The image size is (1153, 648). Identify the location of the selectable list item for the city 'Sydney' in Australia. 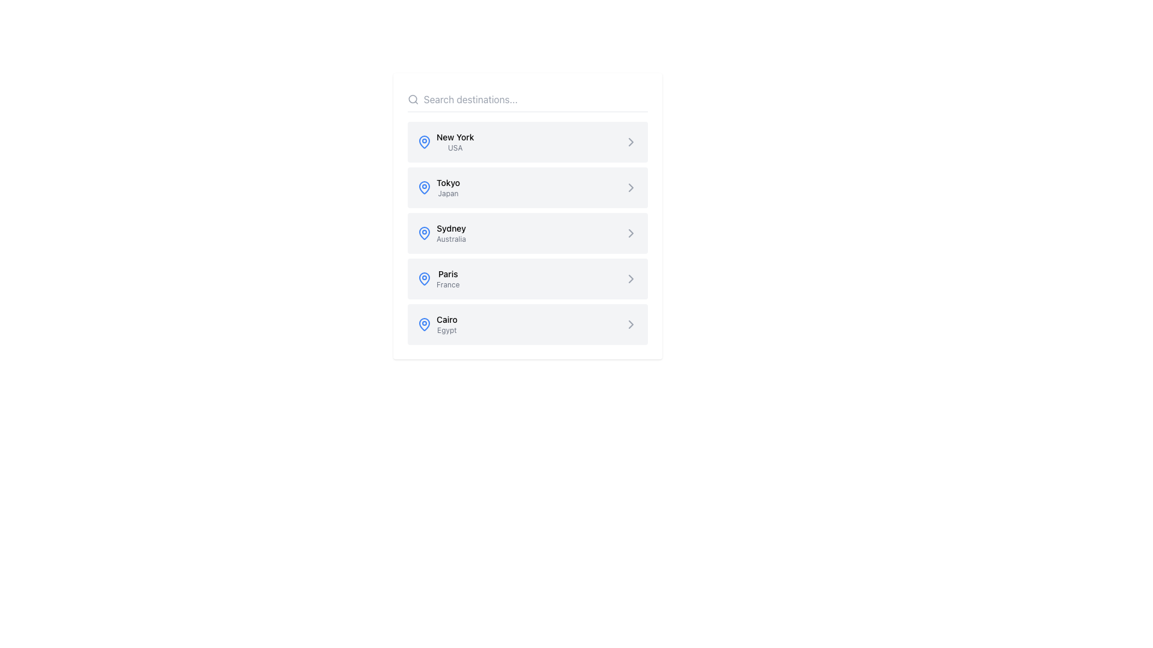
(527, 233).